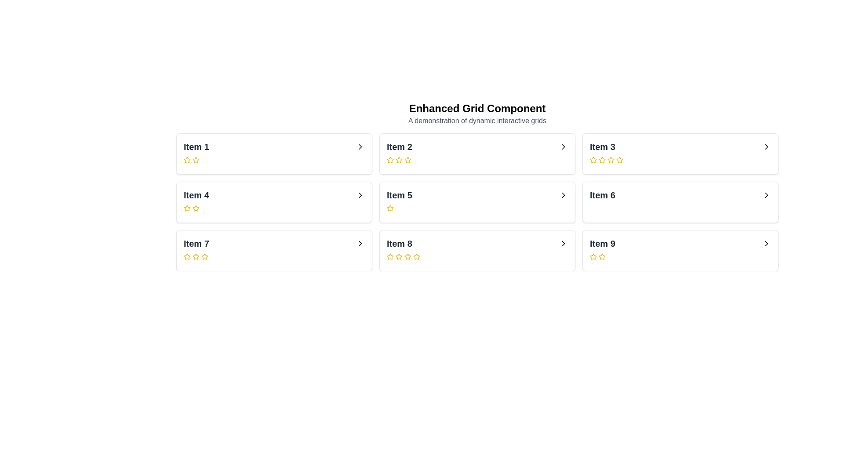 The height and width of the screenshot is (475, 844). Describe the element at coordinates (360, 146) in the screenshot. I see `the right-pointing chevron icon button located at the far right of the list item labeled 'Item 1'` at that location.